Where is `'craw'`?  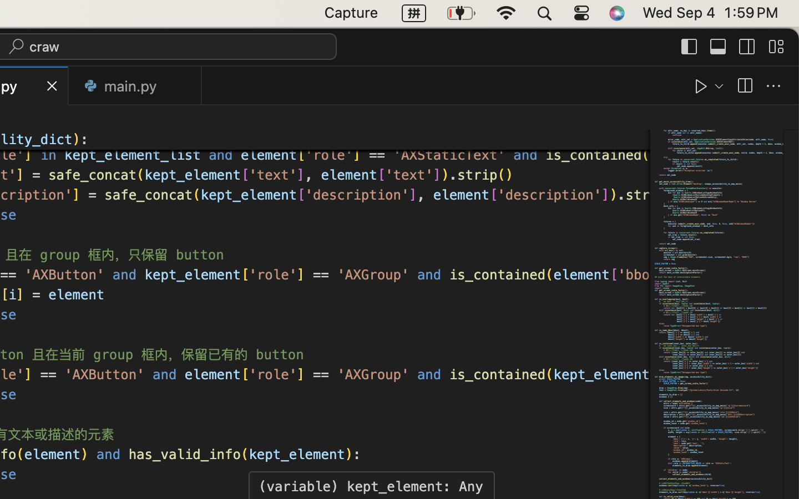
'craw' is located at coordinates (44, 45).